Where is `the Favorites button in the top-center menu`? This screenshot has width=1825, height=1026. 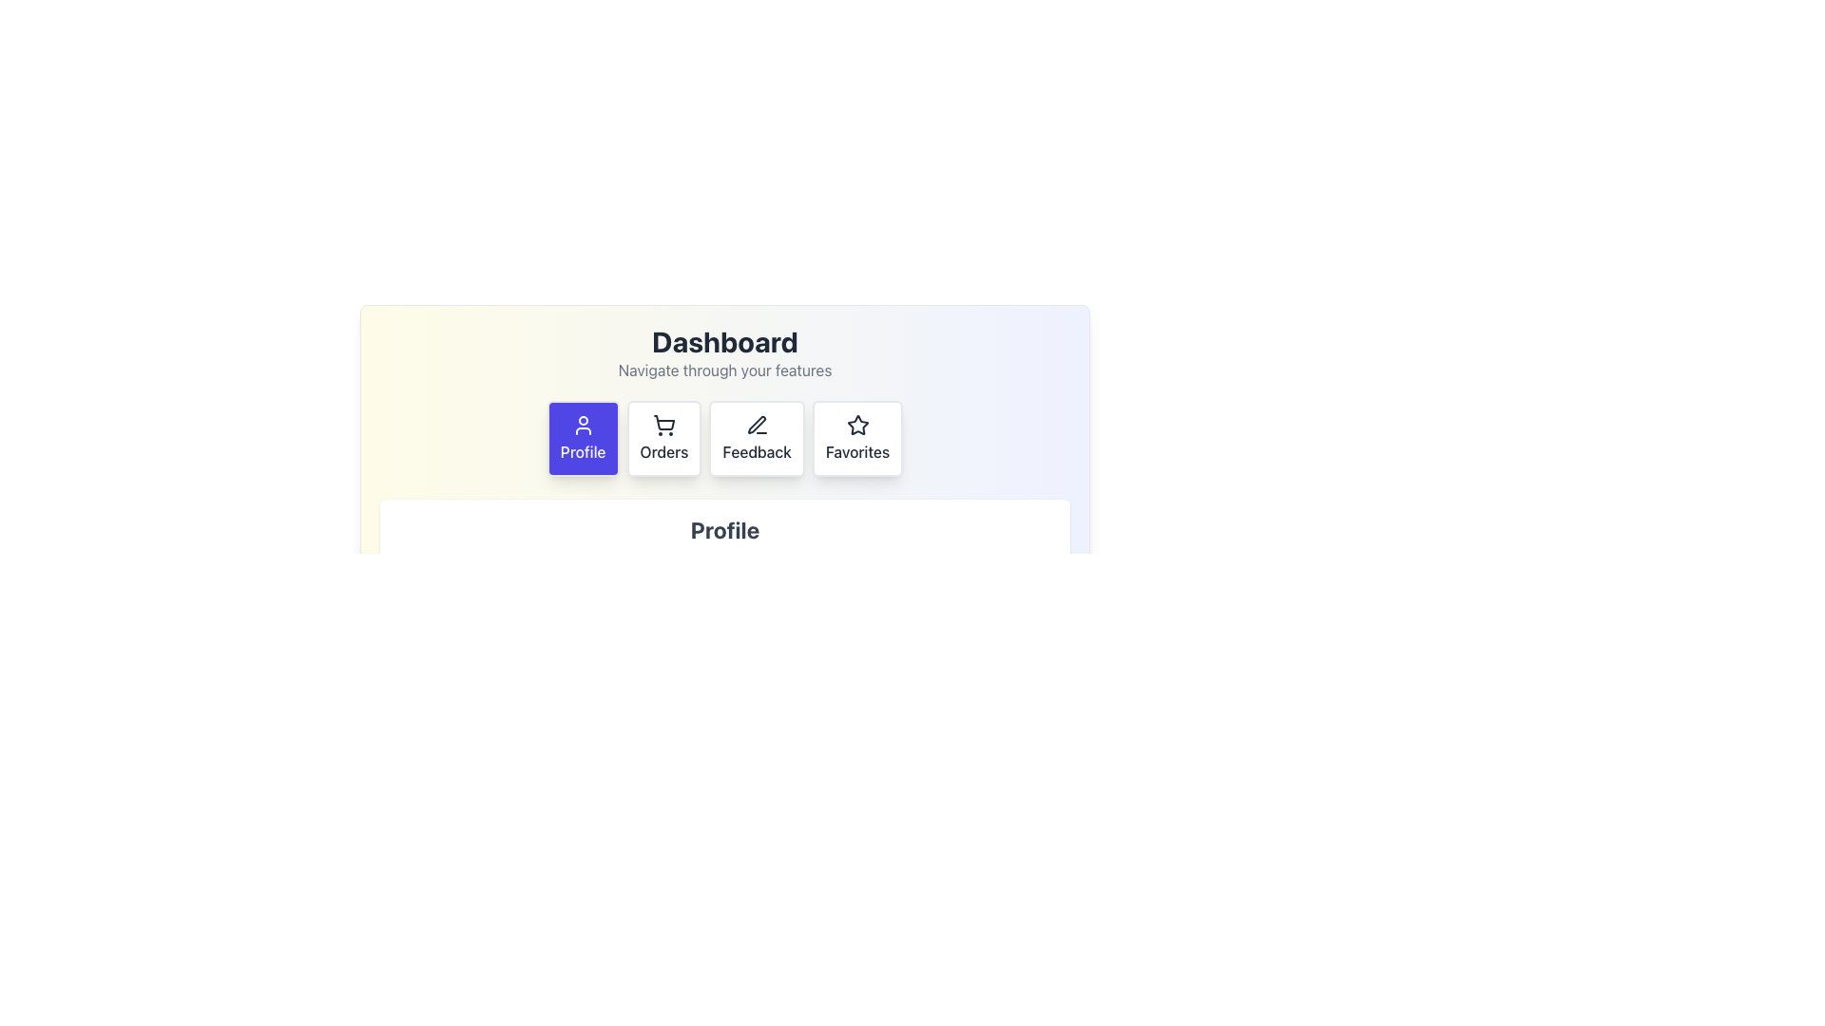
the Favorites button in the top-center menu is located at coordinates (856, 439).